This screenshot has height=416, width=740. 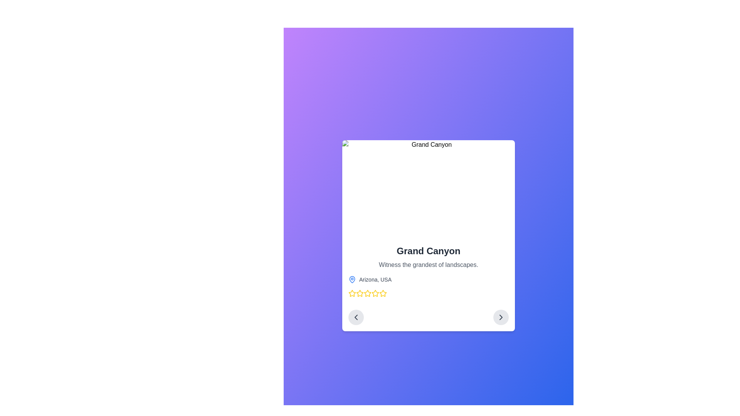 What do you see at coordinates (501, 317) in the screenshot?
I see `the navigation icon located at the bottom-right corner of the card component` at bounding box center [501, 317].